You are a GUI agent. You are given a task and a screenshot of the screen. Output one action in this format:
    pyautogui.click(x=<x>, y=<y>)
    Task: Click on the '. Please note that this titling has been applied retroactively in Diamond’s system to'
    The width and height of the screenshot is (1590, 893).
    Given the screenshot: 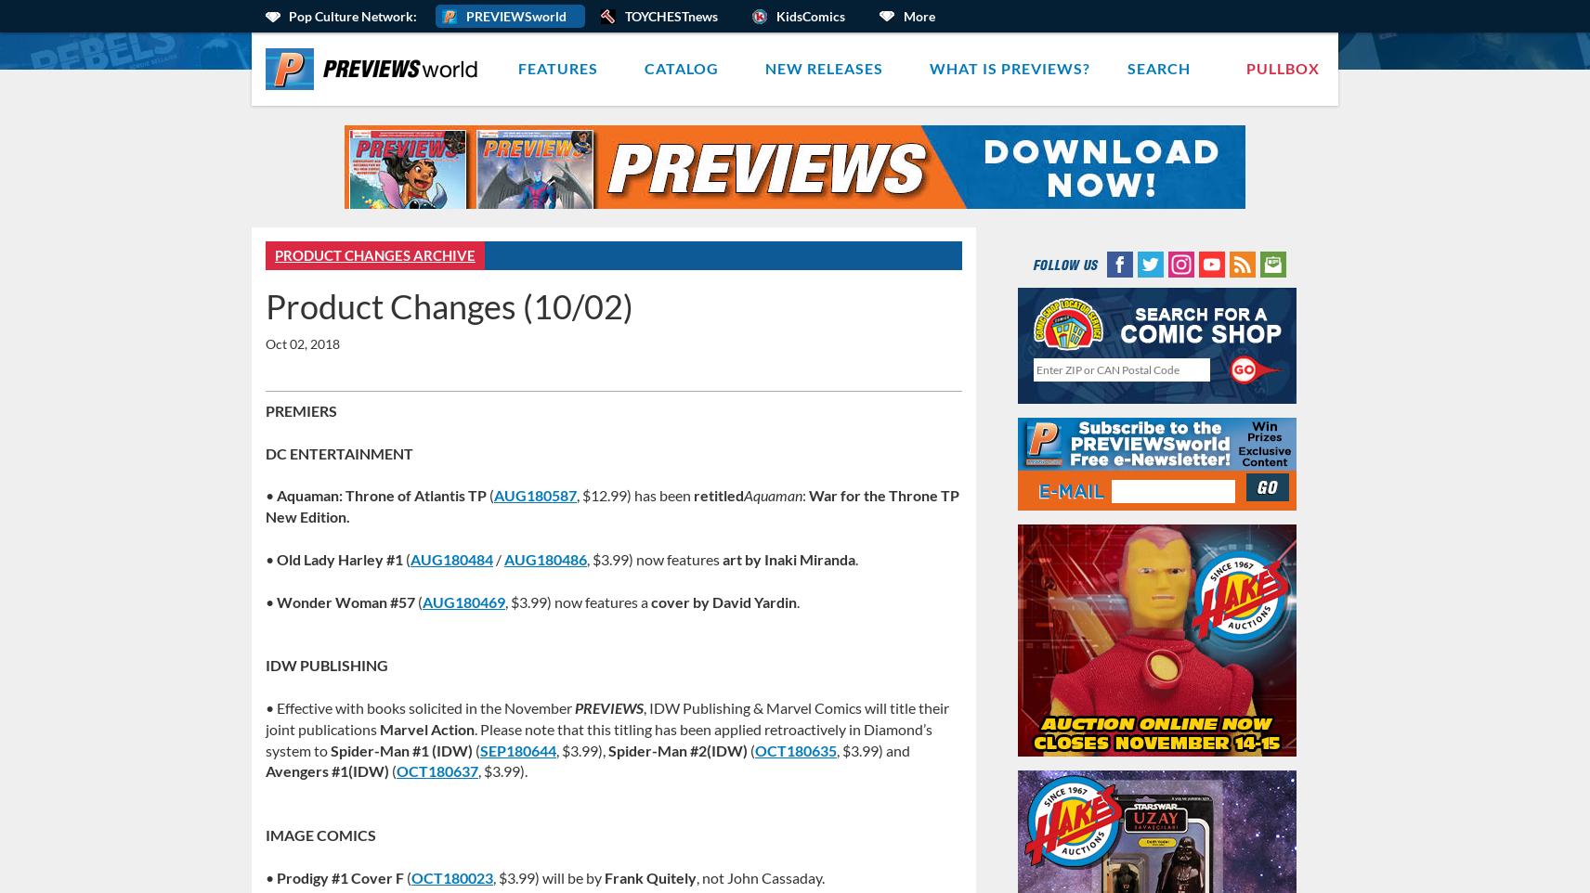 What is the action you would take?
    pyautogui.click(x=599, y=737)
    